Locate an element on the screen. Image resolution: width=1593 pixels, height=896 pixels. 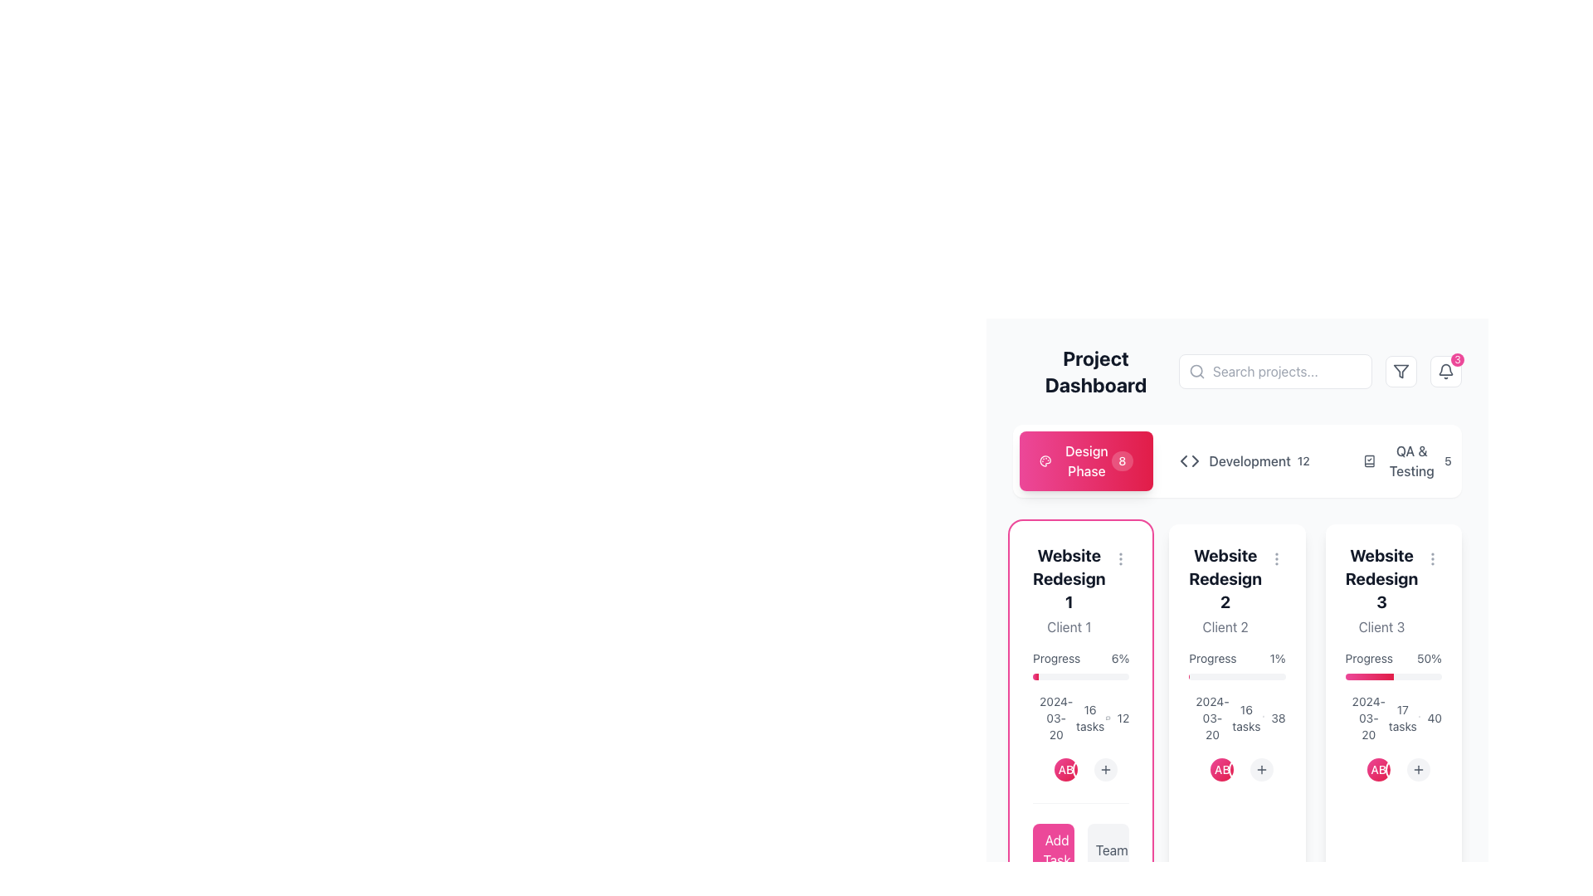
the 'Team' button, which is a minimalistic element with soft gray background and rounded corners, located at the bottom of the 'Website Redesign 1' card is located at coordinates (1112, 850).